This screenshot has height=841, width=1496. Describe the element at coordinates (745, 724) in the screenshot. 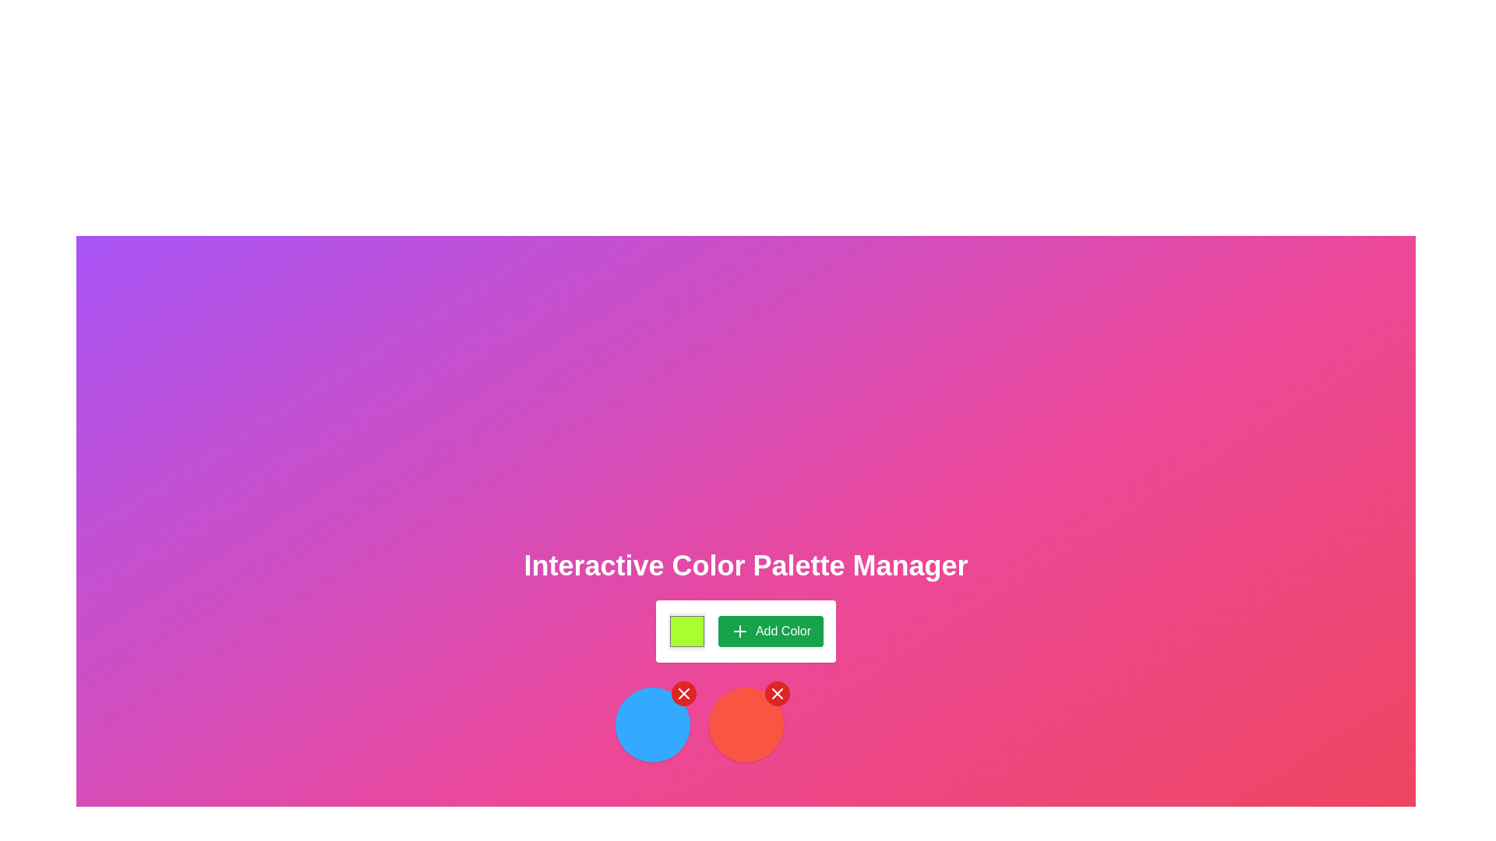

I see `the circular button with a red background and a white 'X' symbol inside, which is the second button in a row of three located below the 'Add Color' button` at that location.